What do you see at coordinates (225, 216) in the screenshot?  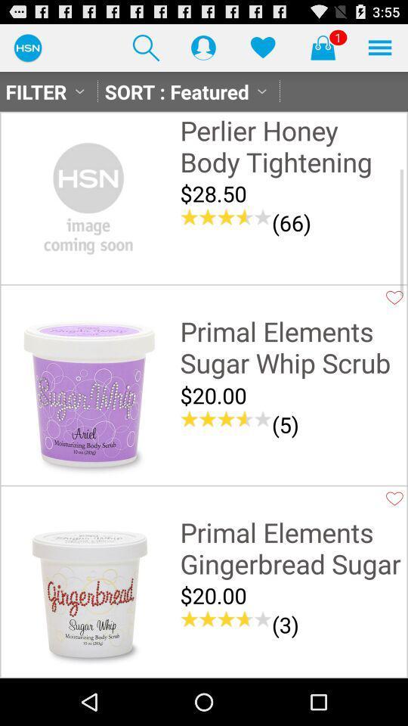 I see `icon to the left of the (66) icon` at bounding box center [225, 216].